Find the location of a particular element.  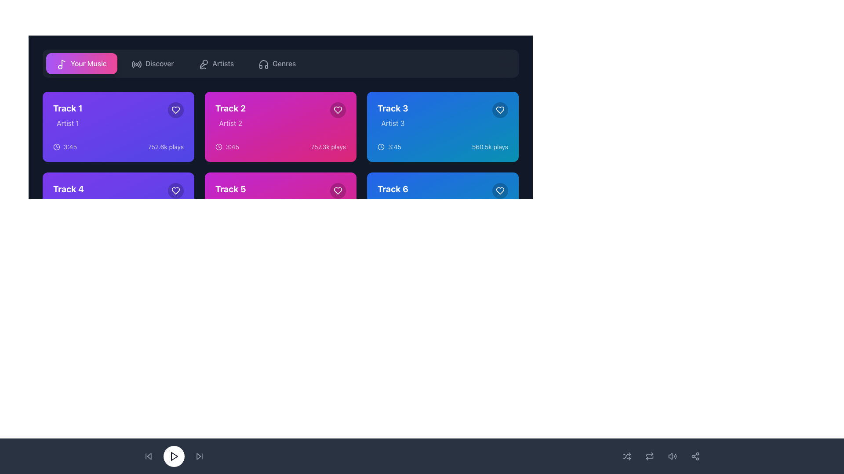

the time indicator icon associated with the track duration '3:45' located within the blue card for 'Track 3' in the second row is located at coordinates (381, 147).